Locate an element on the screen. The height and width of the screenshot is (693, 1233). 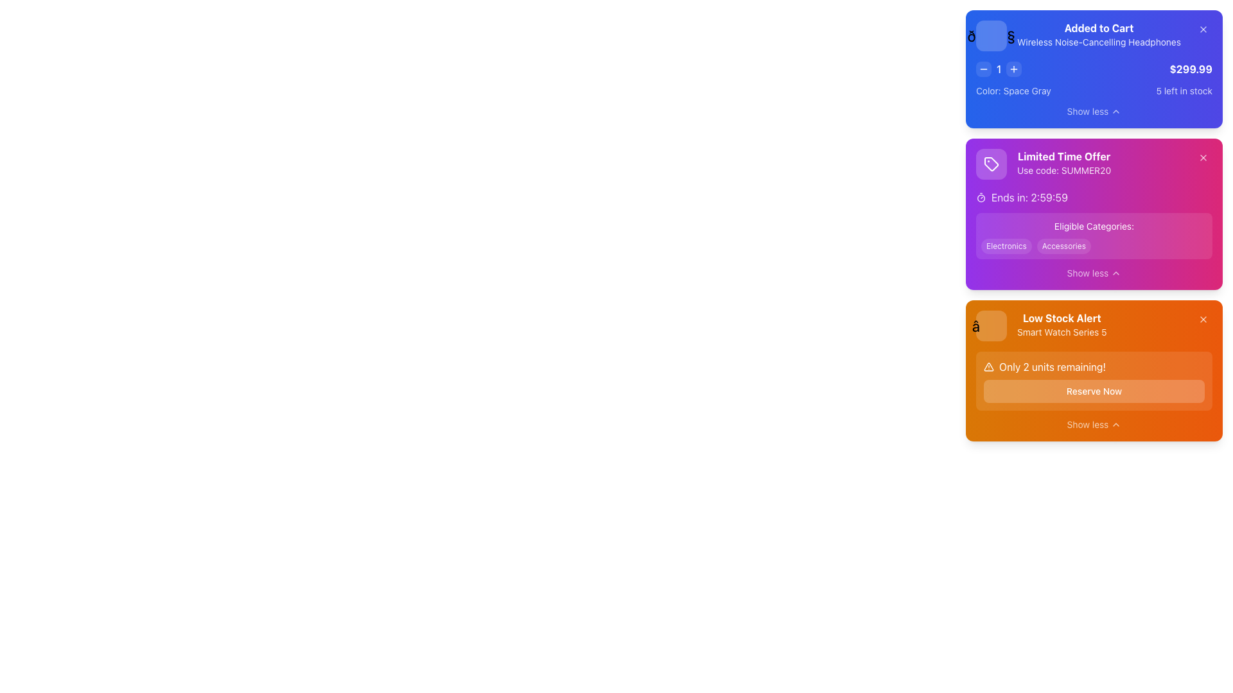
the text block that displays the bold title 'Added to Cart' and subheading 'Wireless Noise-Cancelling Headphones' on a vibrant blue background is located at coordinates (1078, 35).